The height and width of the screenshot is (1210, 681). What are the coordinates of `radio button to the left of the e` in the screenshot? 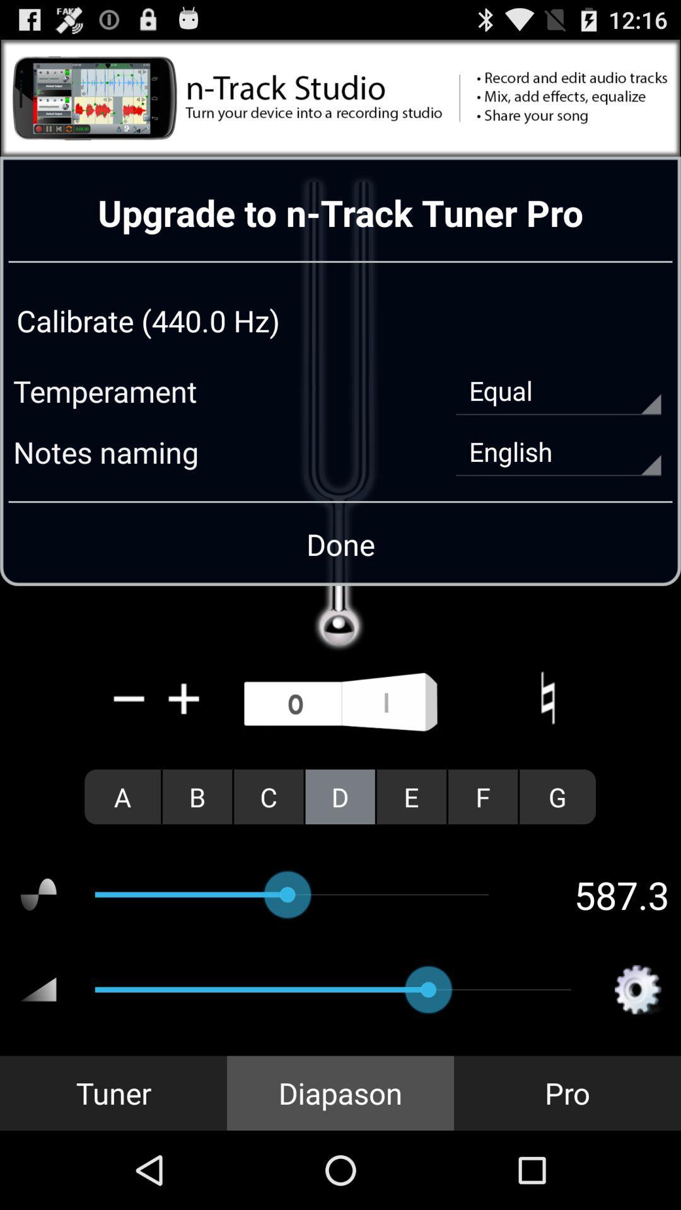 It's located at (339, 796).